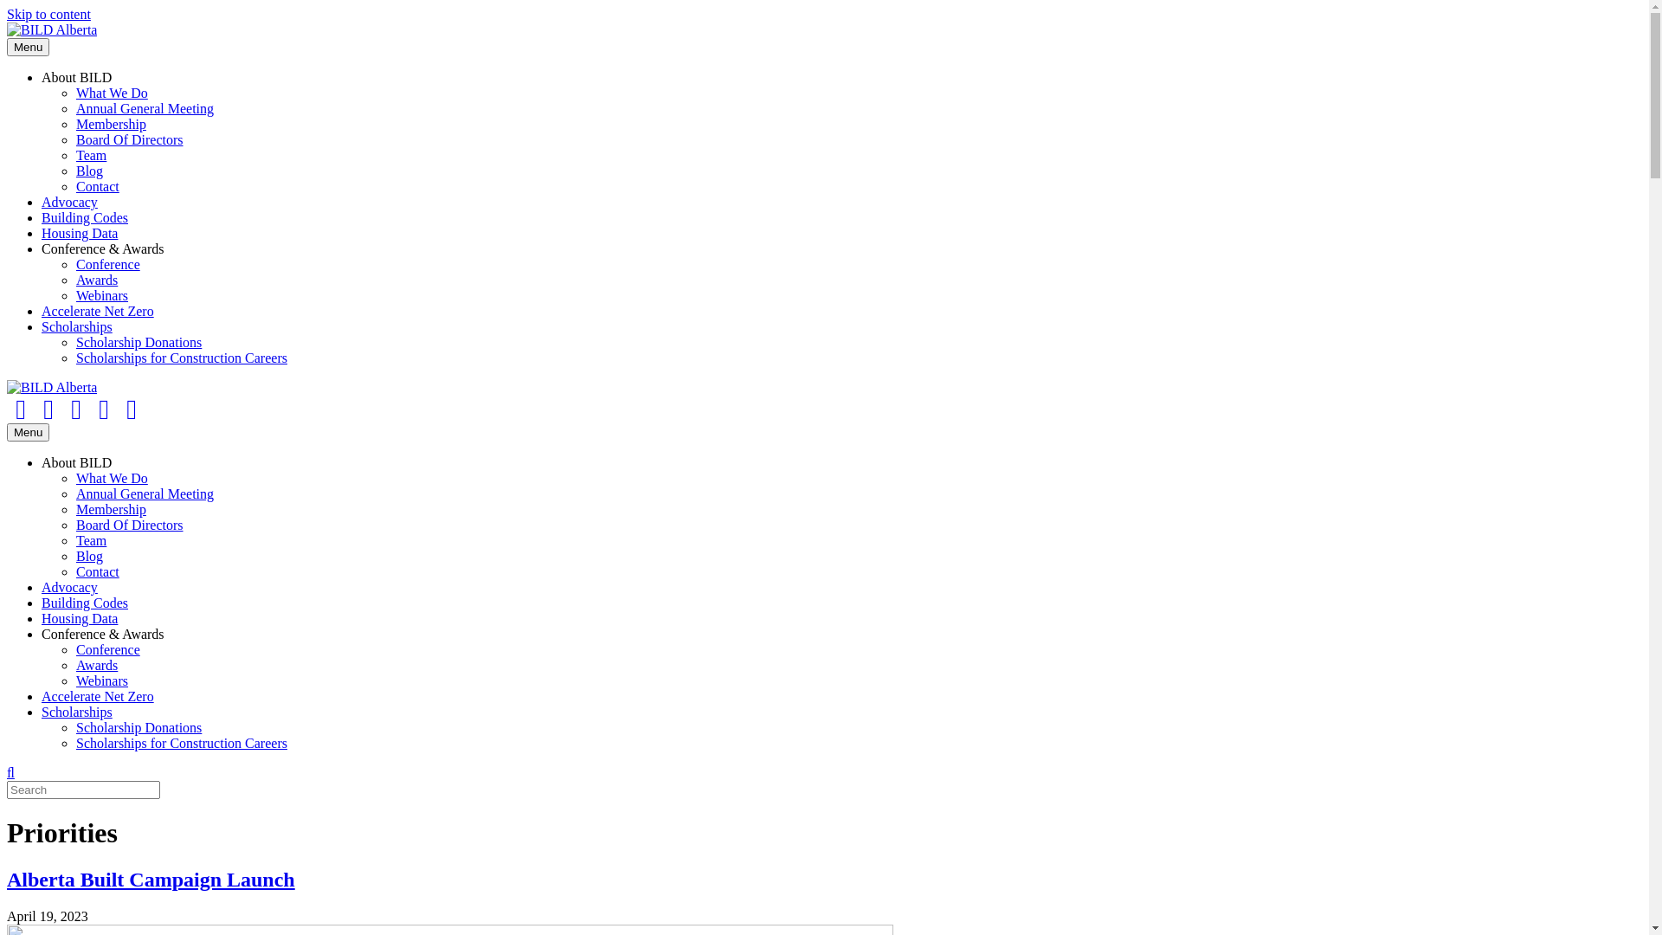 This screenshot has width=1662, height=935. Describe the element at coordinates (145, 108) in the screenshot. I see `'Annual General Meeting'` at that location.